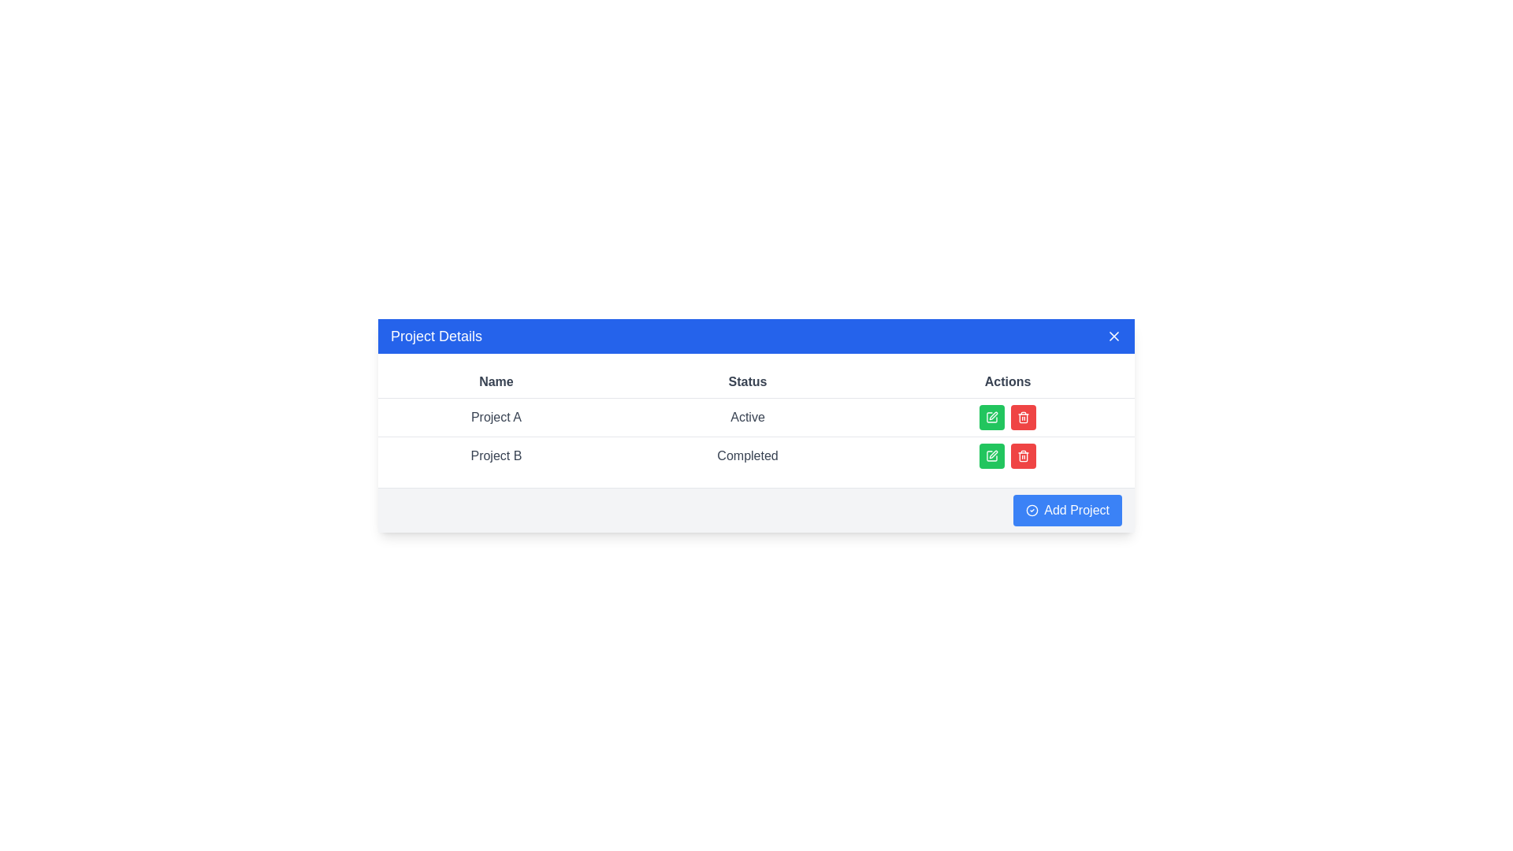 The width and height of the screenshot is (1513, 851). I want to click on the trash bin icon element located in the 'Actions' column of the table, specifically as part of the second button in the second row, which is to the right of the green edit button, so click(1024, 418).